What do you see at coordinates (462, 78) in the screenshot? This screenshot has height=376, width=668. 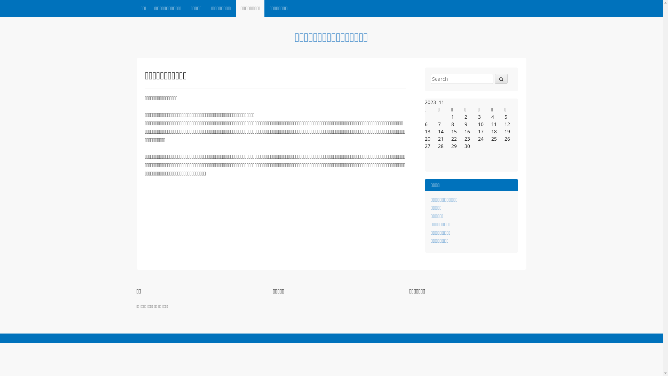 I see `'Search for:'` at bounding box center [462, 78].